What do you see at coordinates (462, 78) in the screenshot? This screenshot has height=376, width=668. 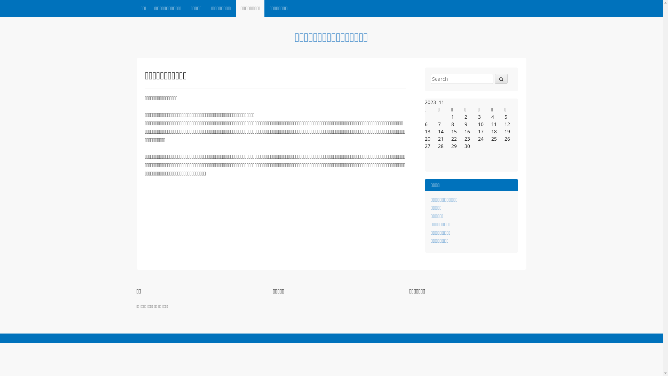 I see `'Search for:'` at bounding box center [462, 78].